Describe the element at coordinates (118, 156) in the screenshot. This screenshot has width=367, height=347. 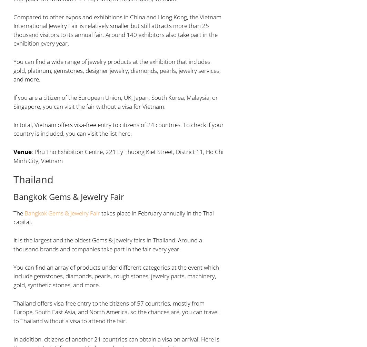
I see `': Phu Tho Exhibition Centre, 221 Ly Thuong Kiet Street, District 11, Ho Chi Minh City, Vietnam'` at that location.